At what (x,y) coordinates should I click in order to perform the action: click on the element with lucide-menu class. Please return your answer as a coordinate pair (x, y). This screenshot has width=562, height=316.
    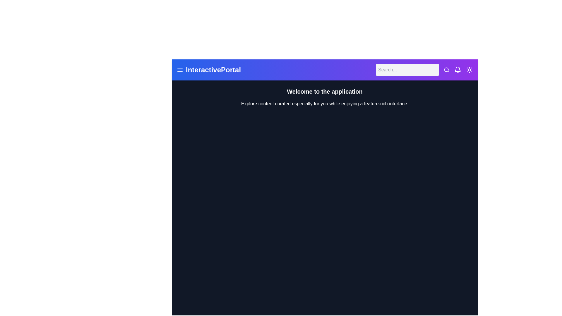
    Looking at the image, I should click on (179, 70).